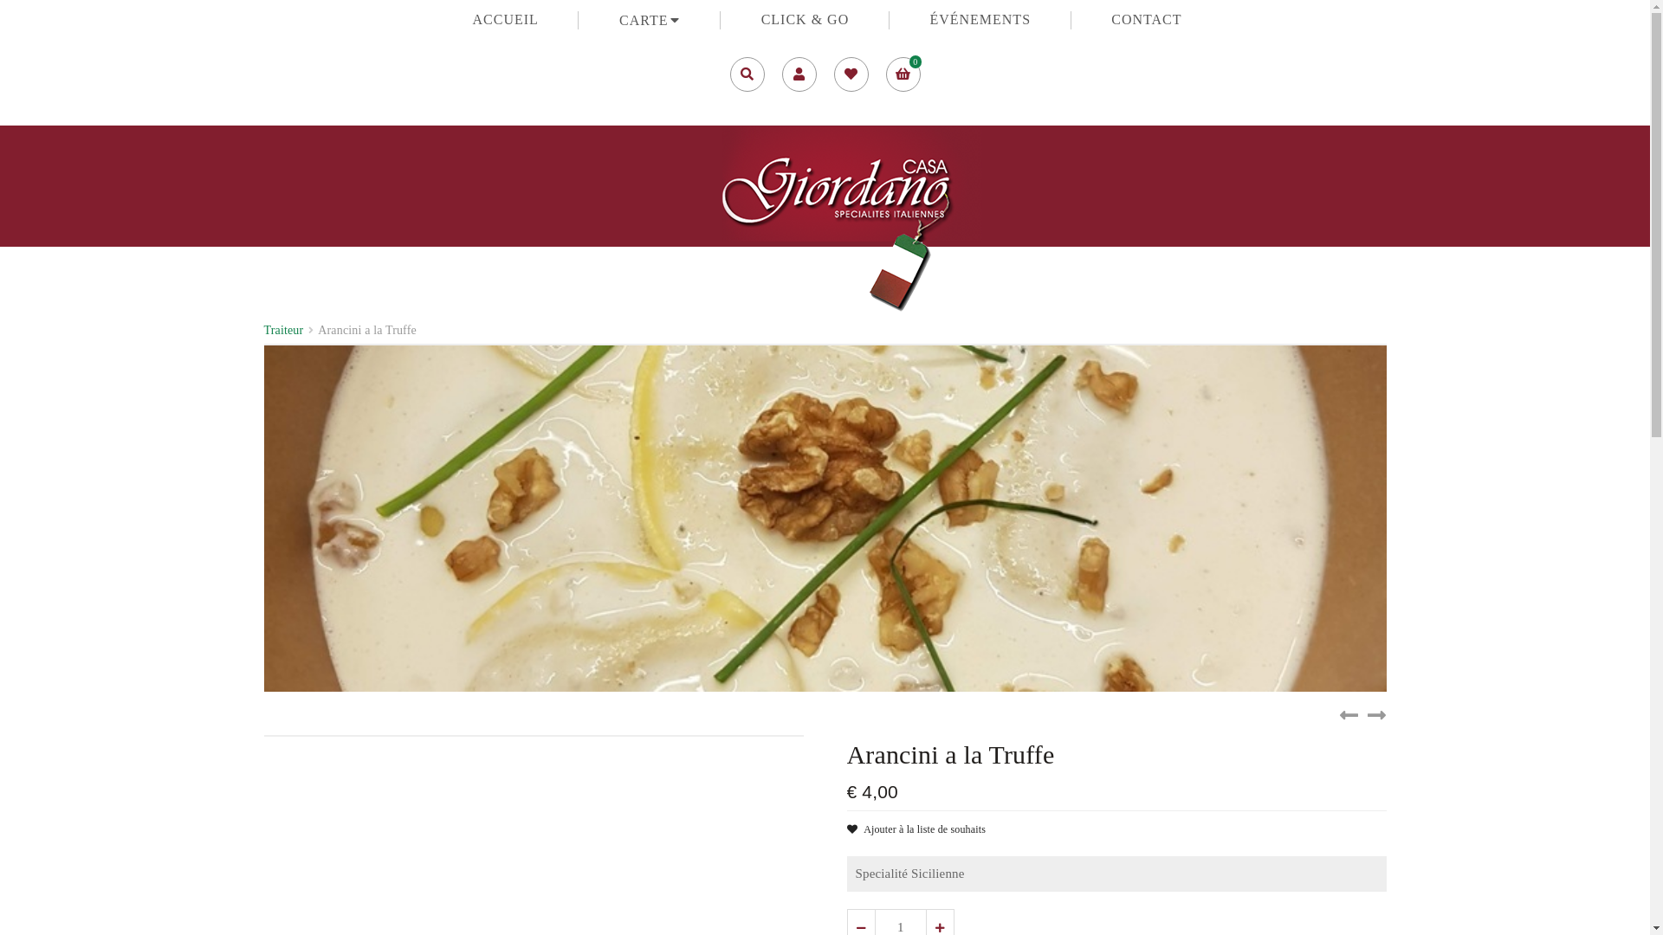 The image size is (1663, 935). Describe the element at coordinates (901, 73) in the screenshot. I see `'0'` at that location.